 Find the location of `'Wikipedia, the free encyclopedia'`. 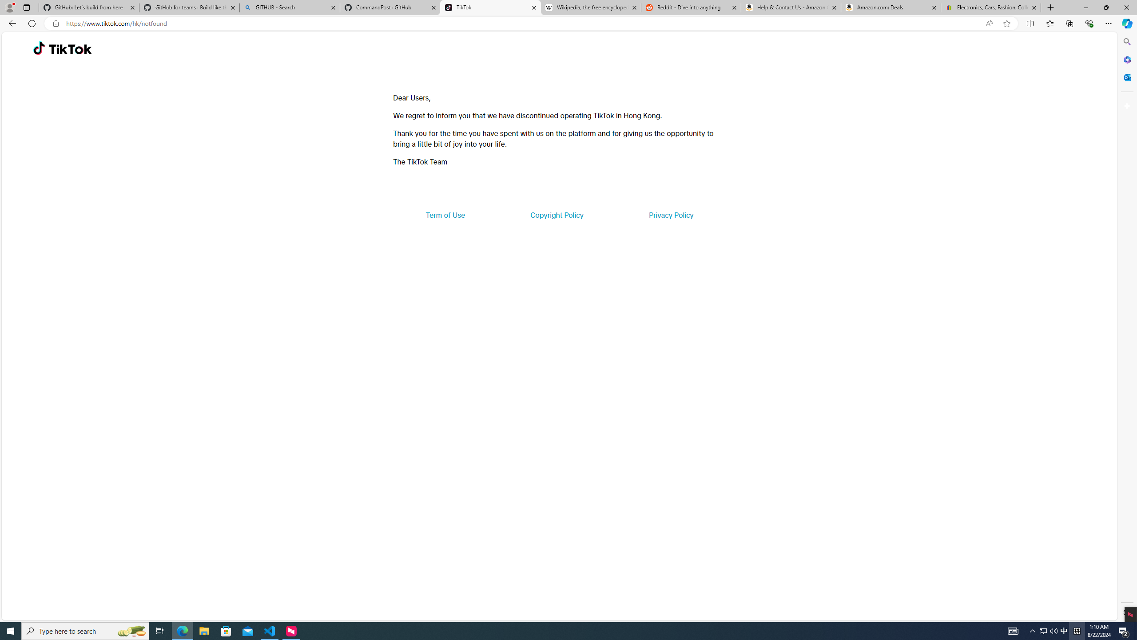

'Wikipedia, the free encyclopedia' is located at coordinates (590, 7).